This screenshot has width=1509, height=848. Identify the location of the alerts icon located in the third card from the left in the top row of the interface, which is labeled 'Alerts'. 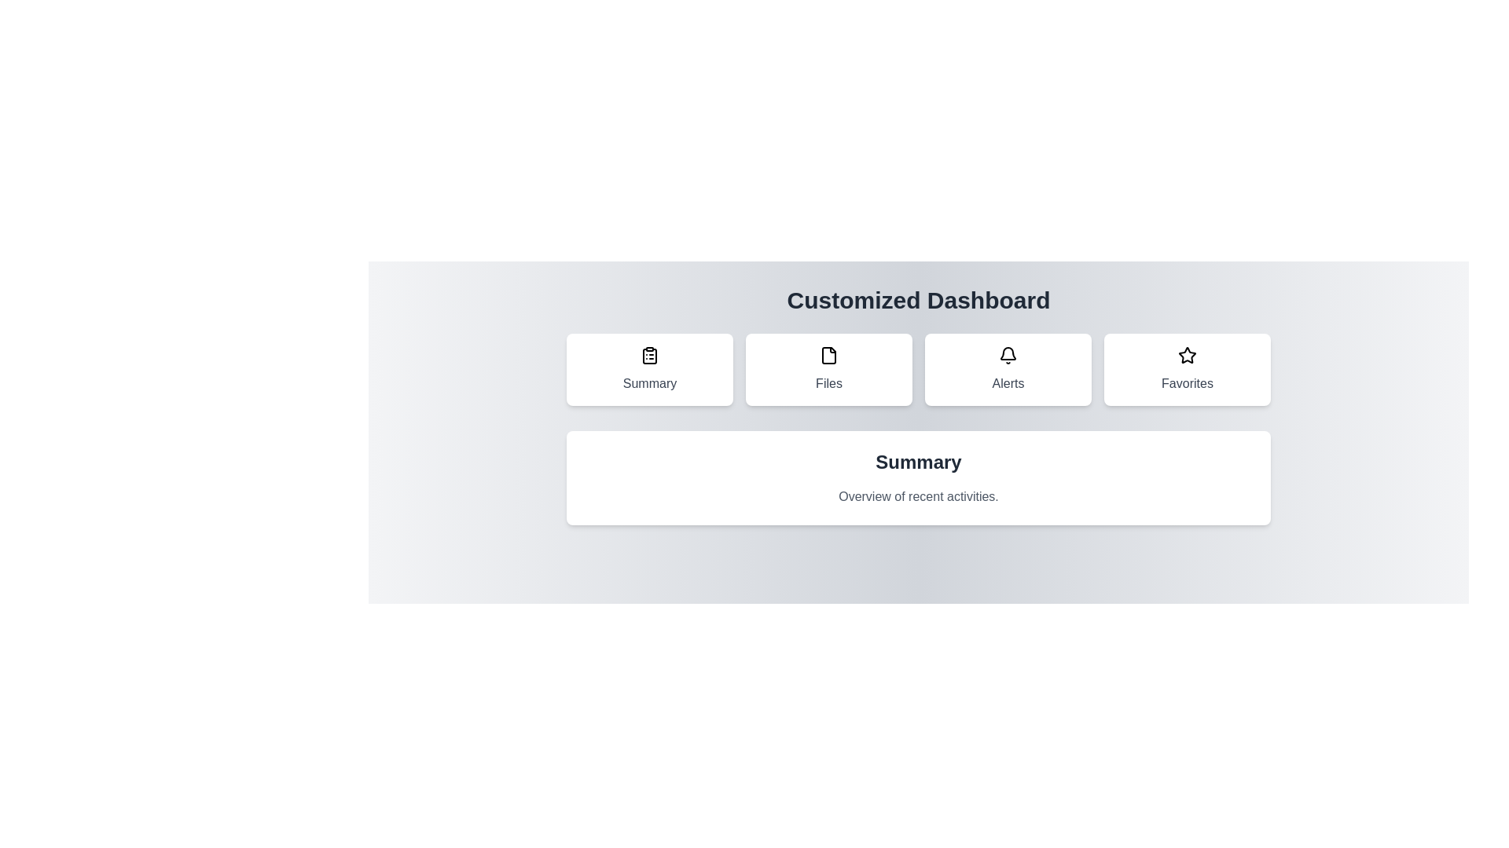
(1008, 355).